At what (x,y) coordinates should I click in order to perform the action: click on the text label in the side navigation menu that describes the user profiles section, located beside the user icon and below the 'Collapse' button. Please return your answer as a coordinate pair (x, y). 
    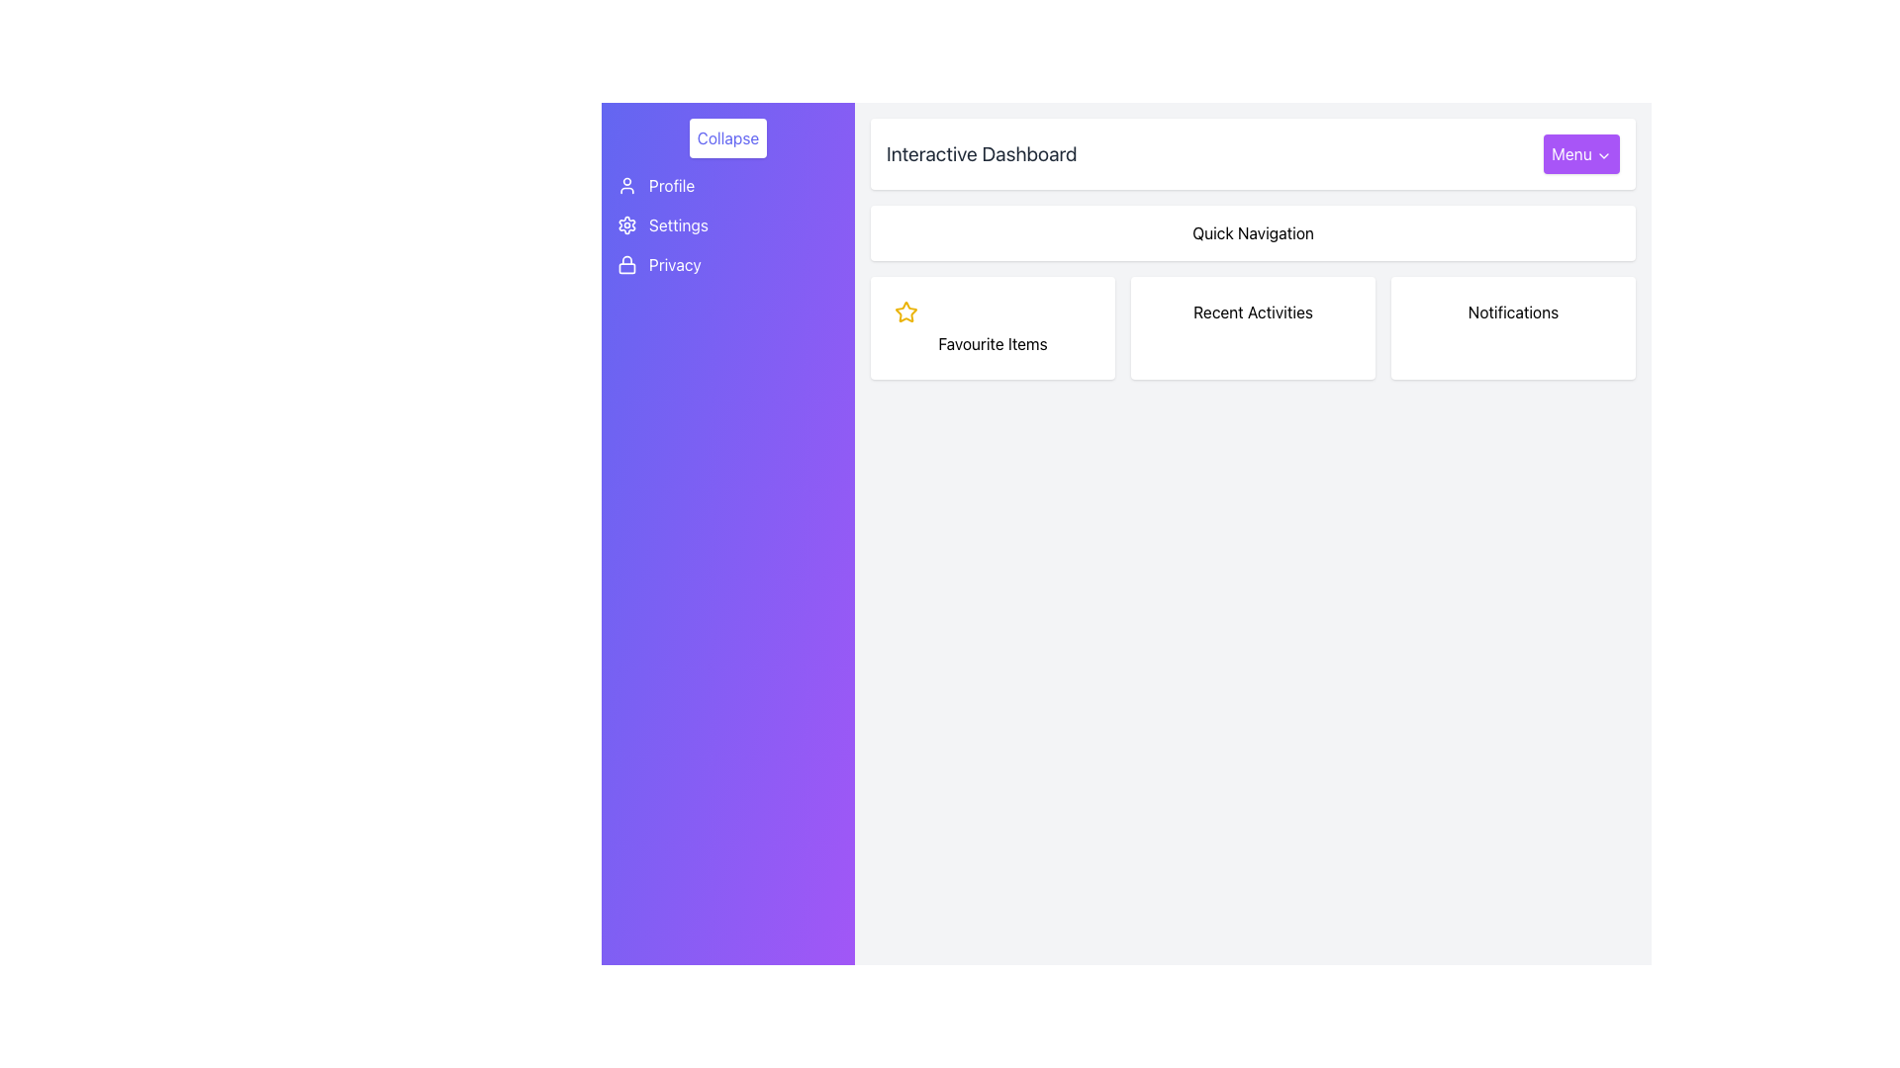
    Looking at the image, I should click on (672, 186).